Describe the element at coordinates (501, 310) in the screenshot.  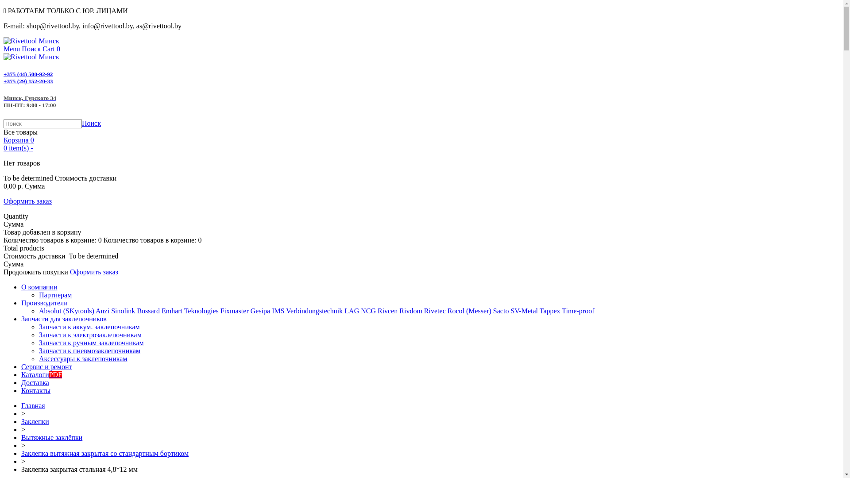
I see `'Sacto'` at that location.